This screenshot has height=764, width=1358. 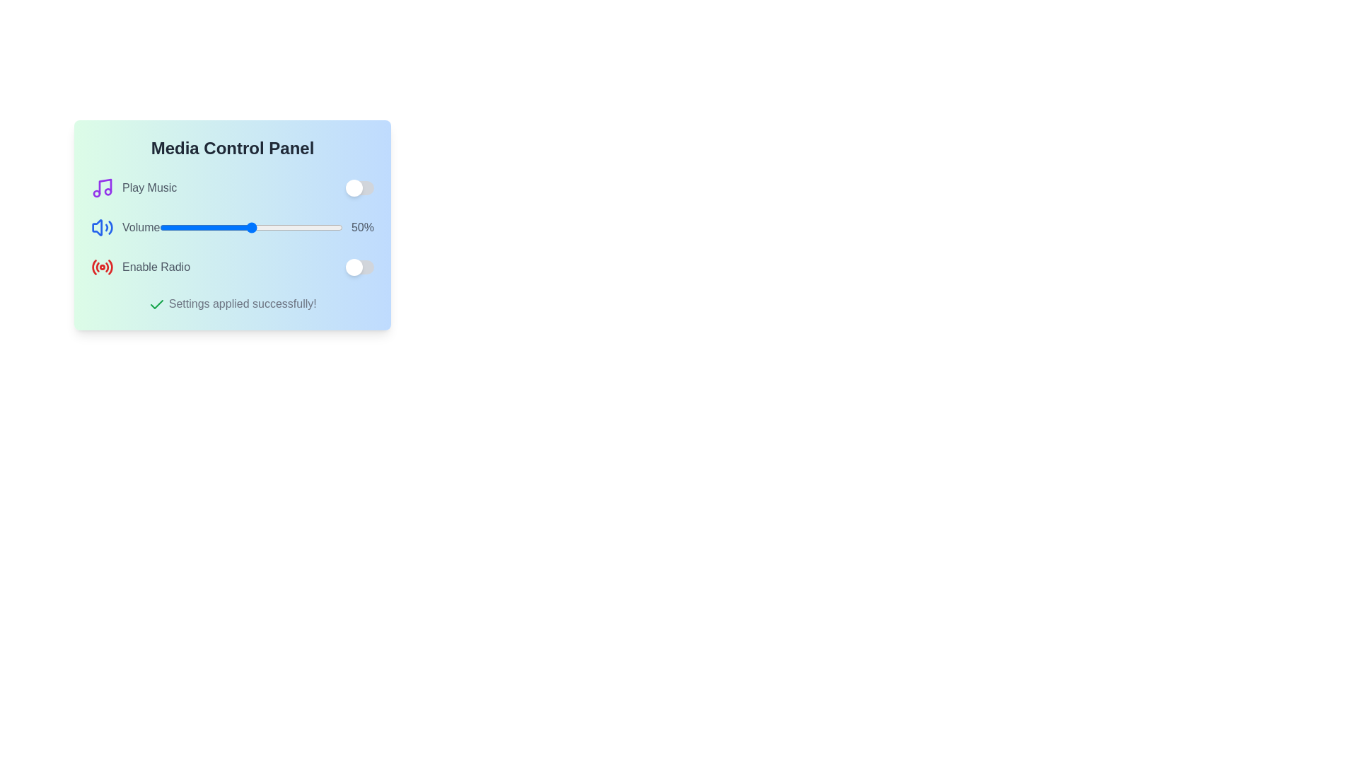 What do you see at coordinates (236, 226) in the screenshot?
I see `the volume slider` at bounding box center [236, 226].